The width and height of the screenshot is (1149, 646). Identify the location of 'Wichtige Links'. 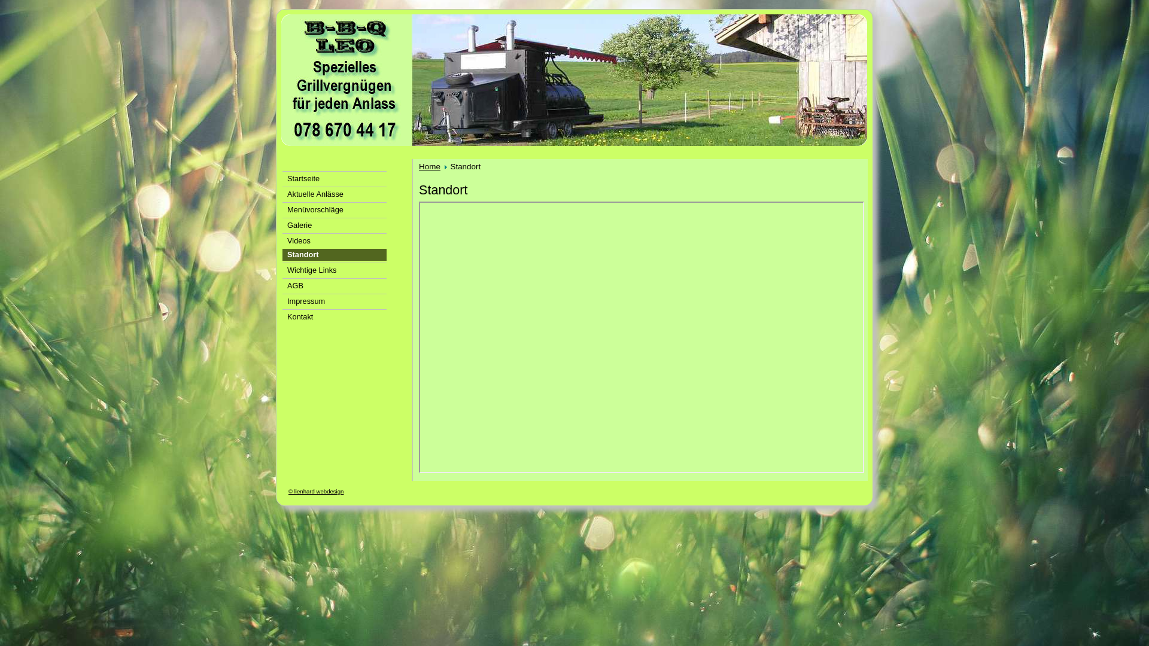
(334, 269).